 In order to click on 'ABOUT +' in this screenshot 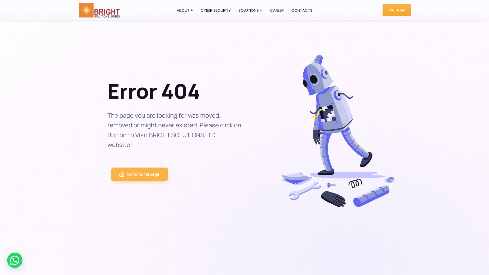, I will do `click(184, 10)`.